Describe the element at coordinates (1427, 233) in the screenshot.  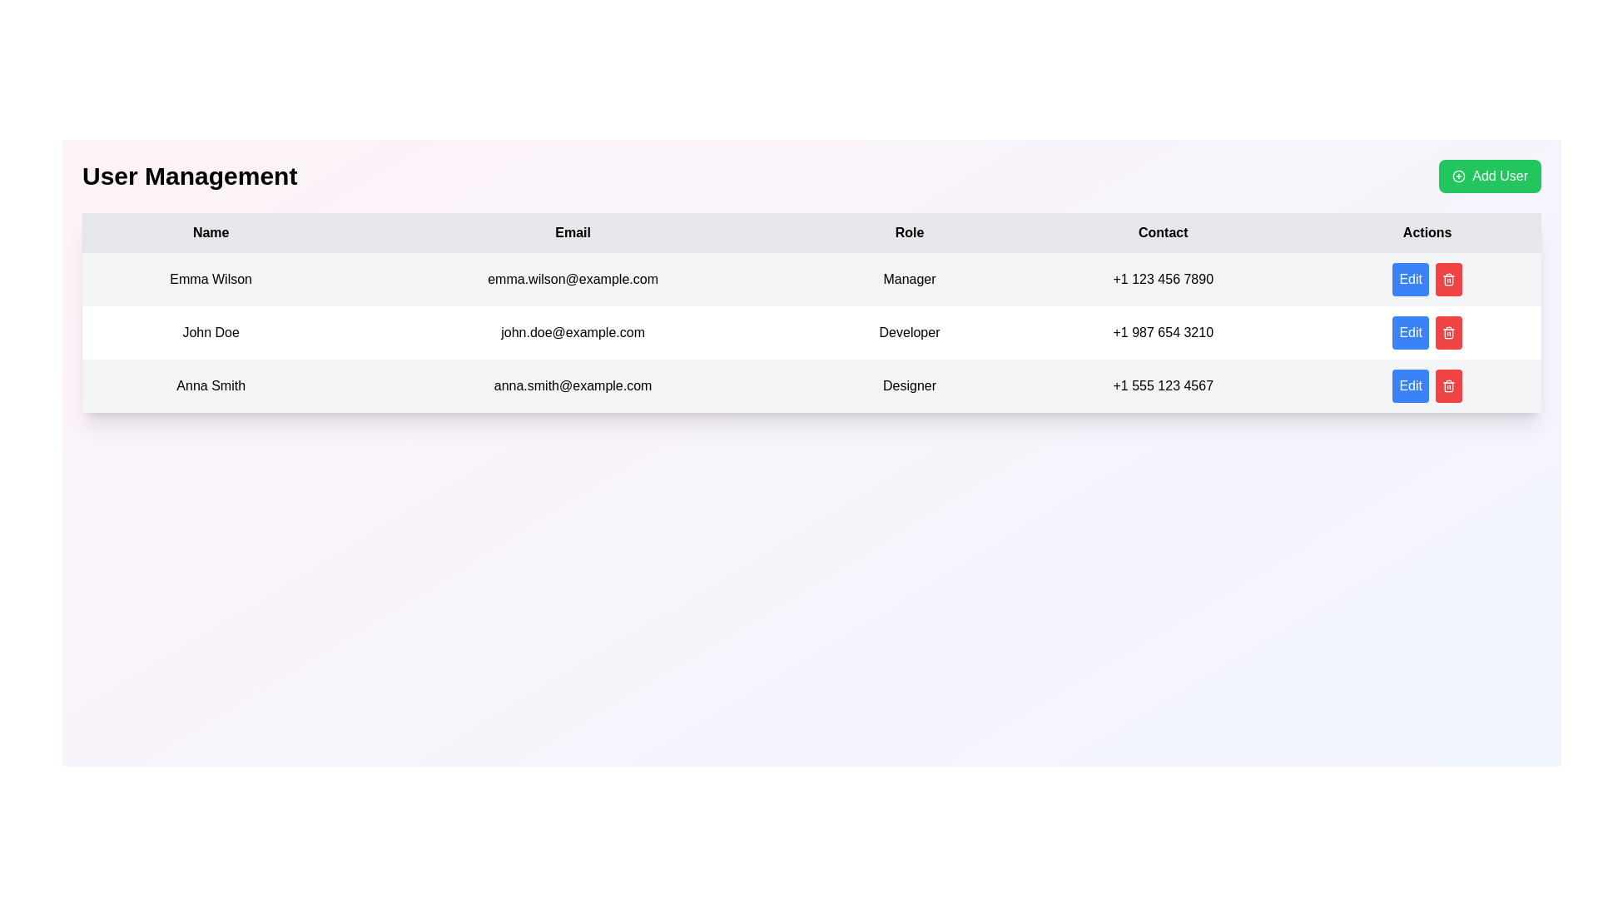
I see `the 'Actions' text label in the header row of the table, which has a gray background and black text, located at the far right of the header` at that location.